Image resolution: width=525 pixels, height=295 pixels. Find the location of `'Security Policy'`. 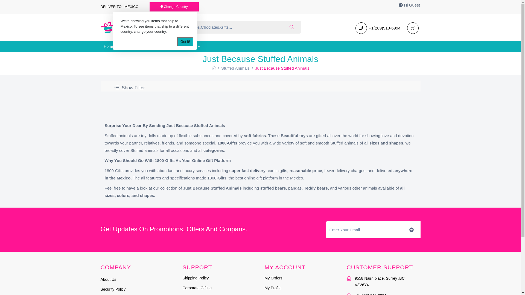

'Security Policy' is located at coordinates (101, 289).